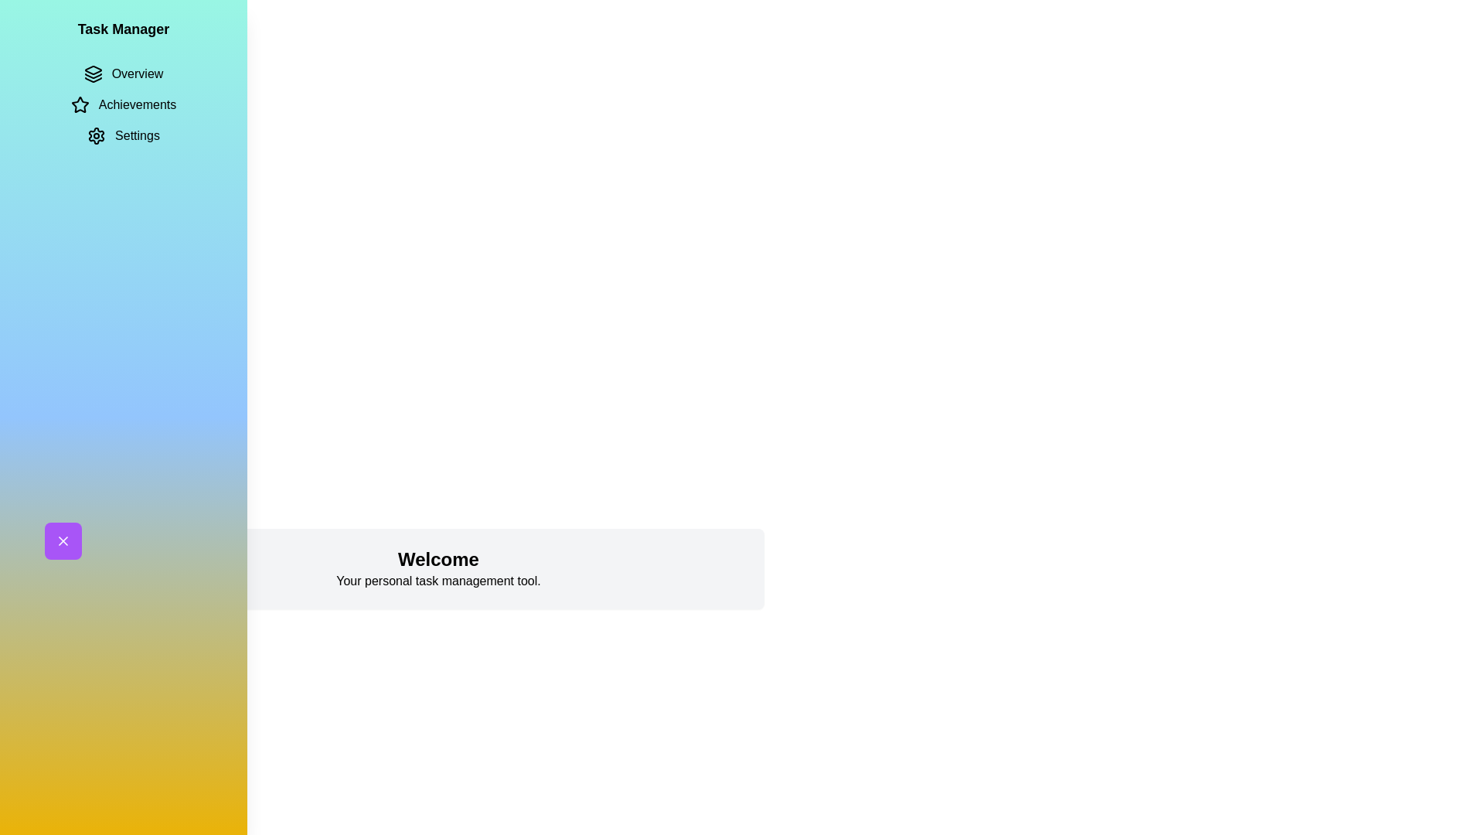 The width and height of the screenshot is (1484, 835). Describe the element at coordinates (62, 540) in the screenshot. I see `the purple square-shaped close button with a white 'X' icon` at that location.